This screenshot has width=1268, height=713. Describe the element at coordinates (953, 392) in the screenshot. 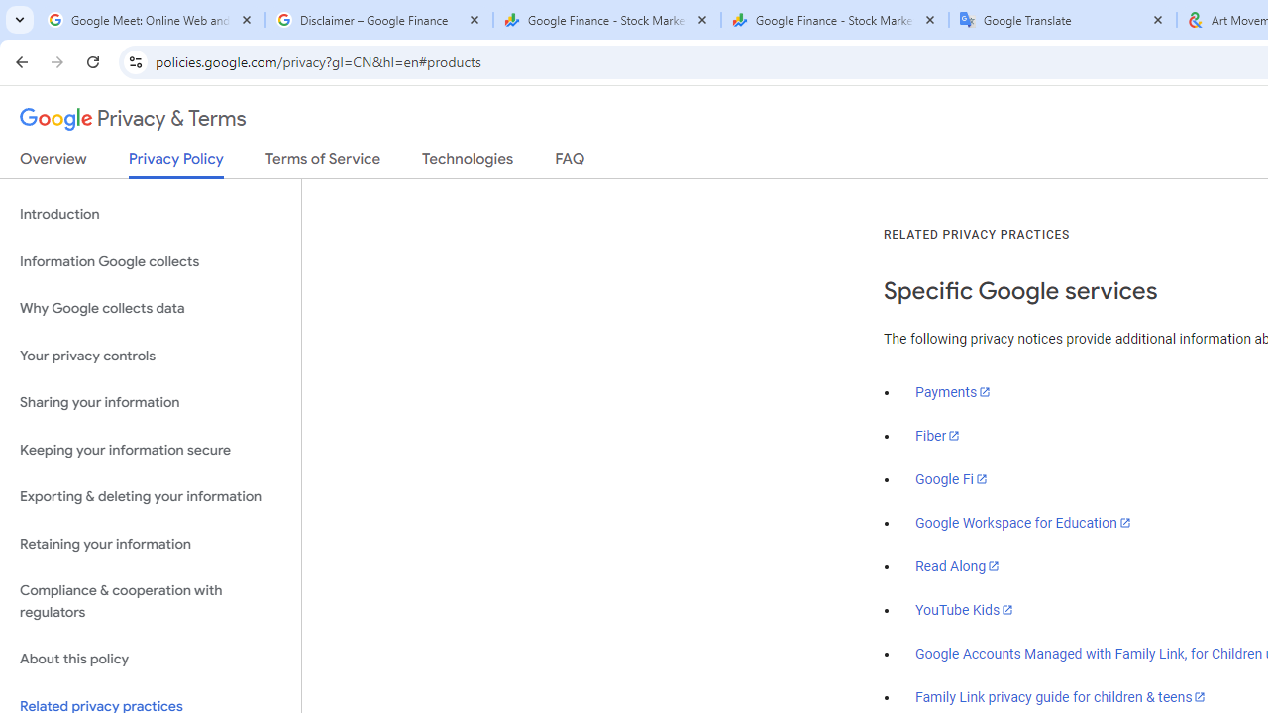

I see `'Payments'` at that location.